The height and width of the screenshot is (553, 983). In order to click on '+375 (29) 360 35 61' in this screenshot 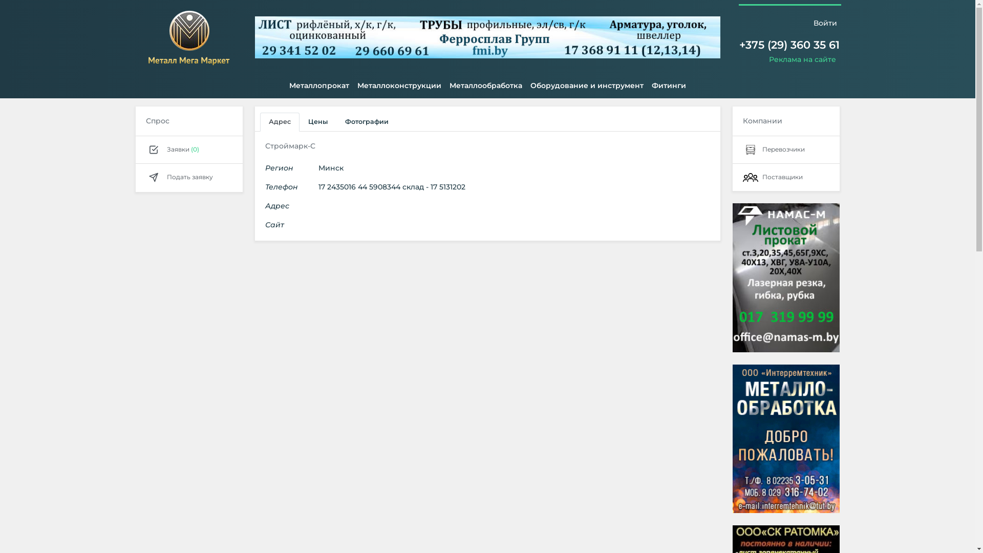, I will do `click(788, 44)`.